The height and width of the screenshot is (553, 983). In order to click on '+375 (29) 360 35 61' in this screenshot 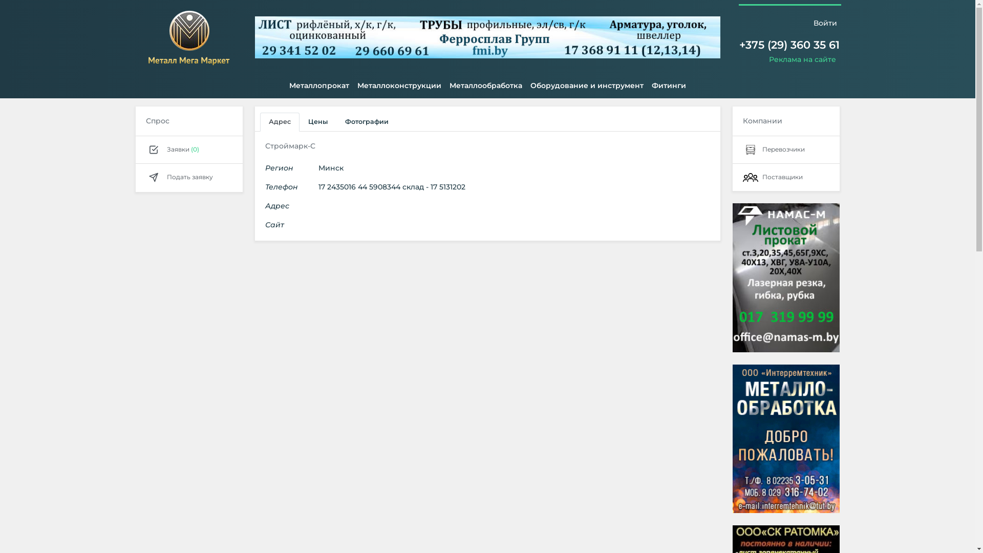, I will do `click(788, 44)`.